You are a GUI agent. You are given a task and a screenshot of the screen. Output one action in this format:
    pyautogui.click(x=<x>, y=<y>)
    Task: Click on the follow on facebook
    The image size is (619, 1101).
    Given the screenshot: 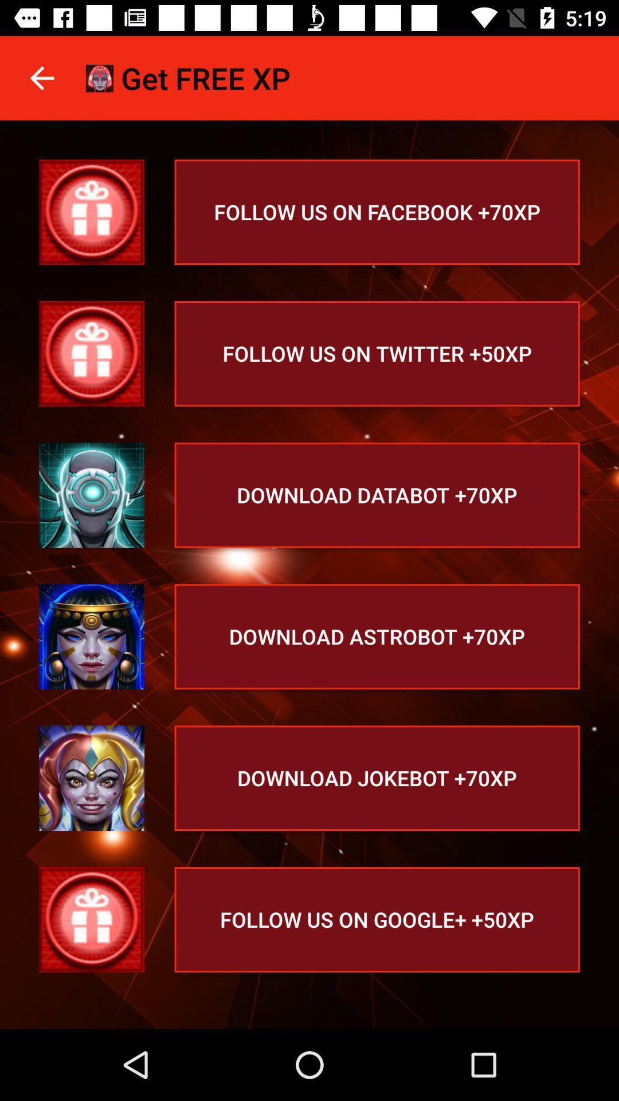 What is the action you would take?
    pyautogui.click(x=91, y=212)
    